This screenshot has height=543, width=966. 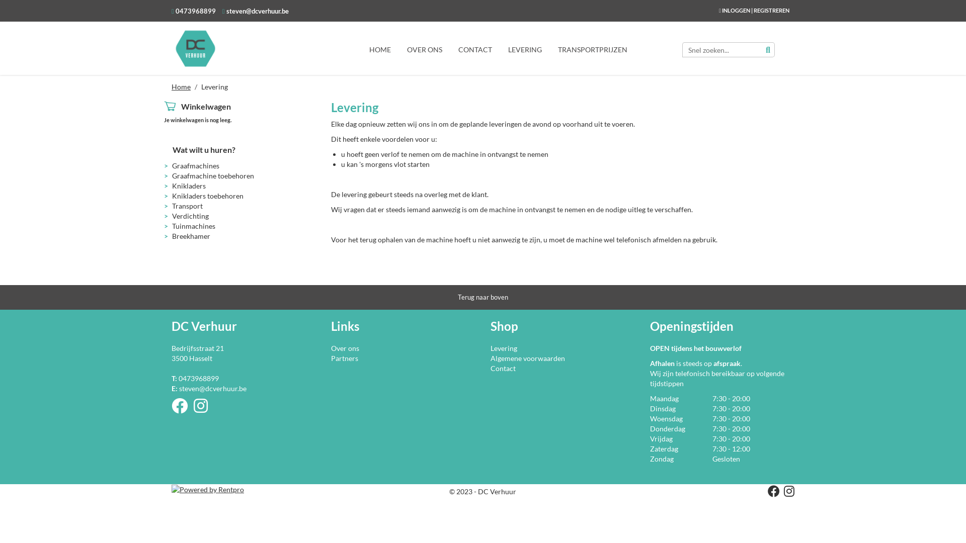 I want to click on 'HOME', so click(x=379, y=49).